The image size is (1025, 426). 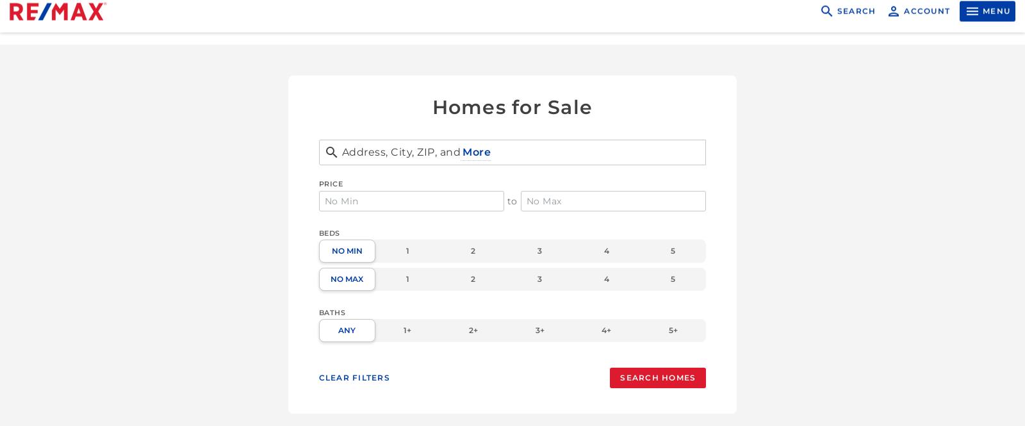 What do you see at coordinates (330, 278) in the screenshot?
I see `'No Max'` at bounding box center [330, 278].